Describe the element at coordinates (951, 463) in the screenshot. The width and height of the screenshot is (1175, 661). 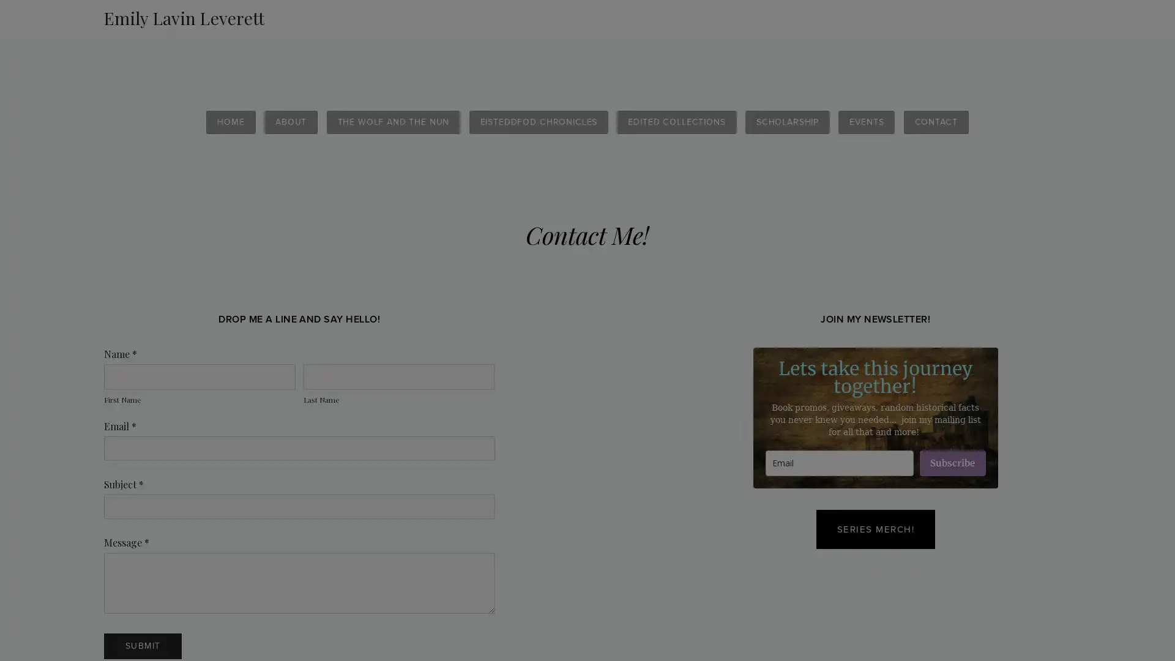
I see `Subscribe` at that location.